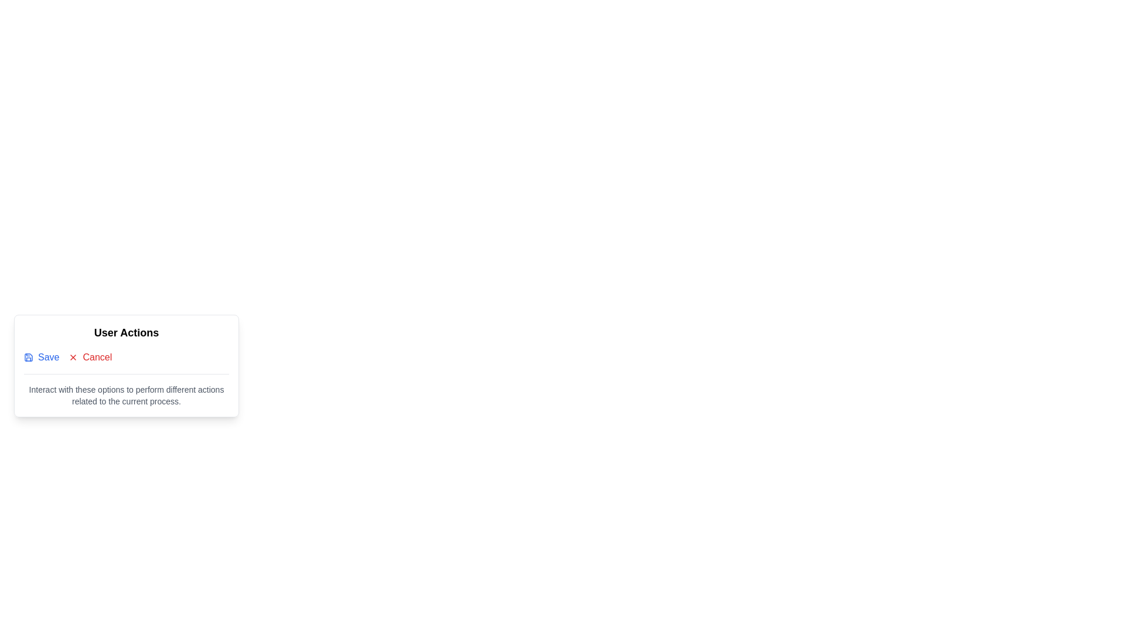 This screenshot has width=1125, height=633. Describe the element at coordinates (90, 356) in the screenshot. I see `the cancel button located to the right of the 'Save' button in the 'User Actions' group` at that location.